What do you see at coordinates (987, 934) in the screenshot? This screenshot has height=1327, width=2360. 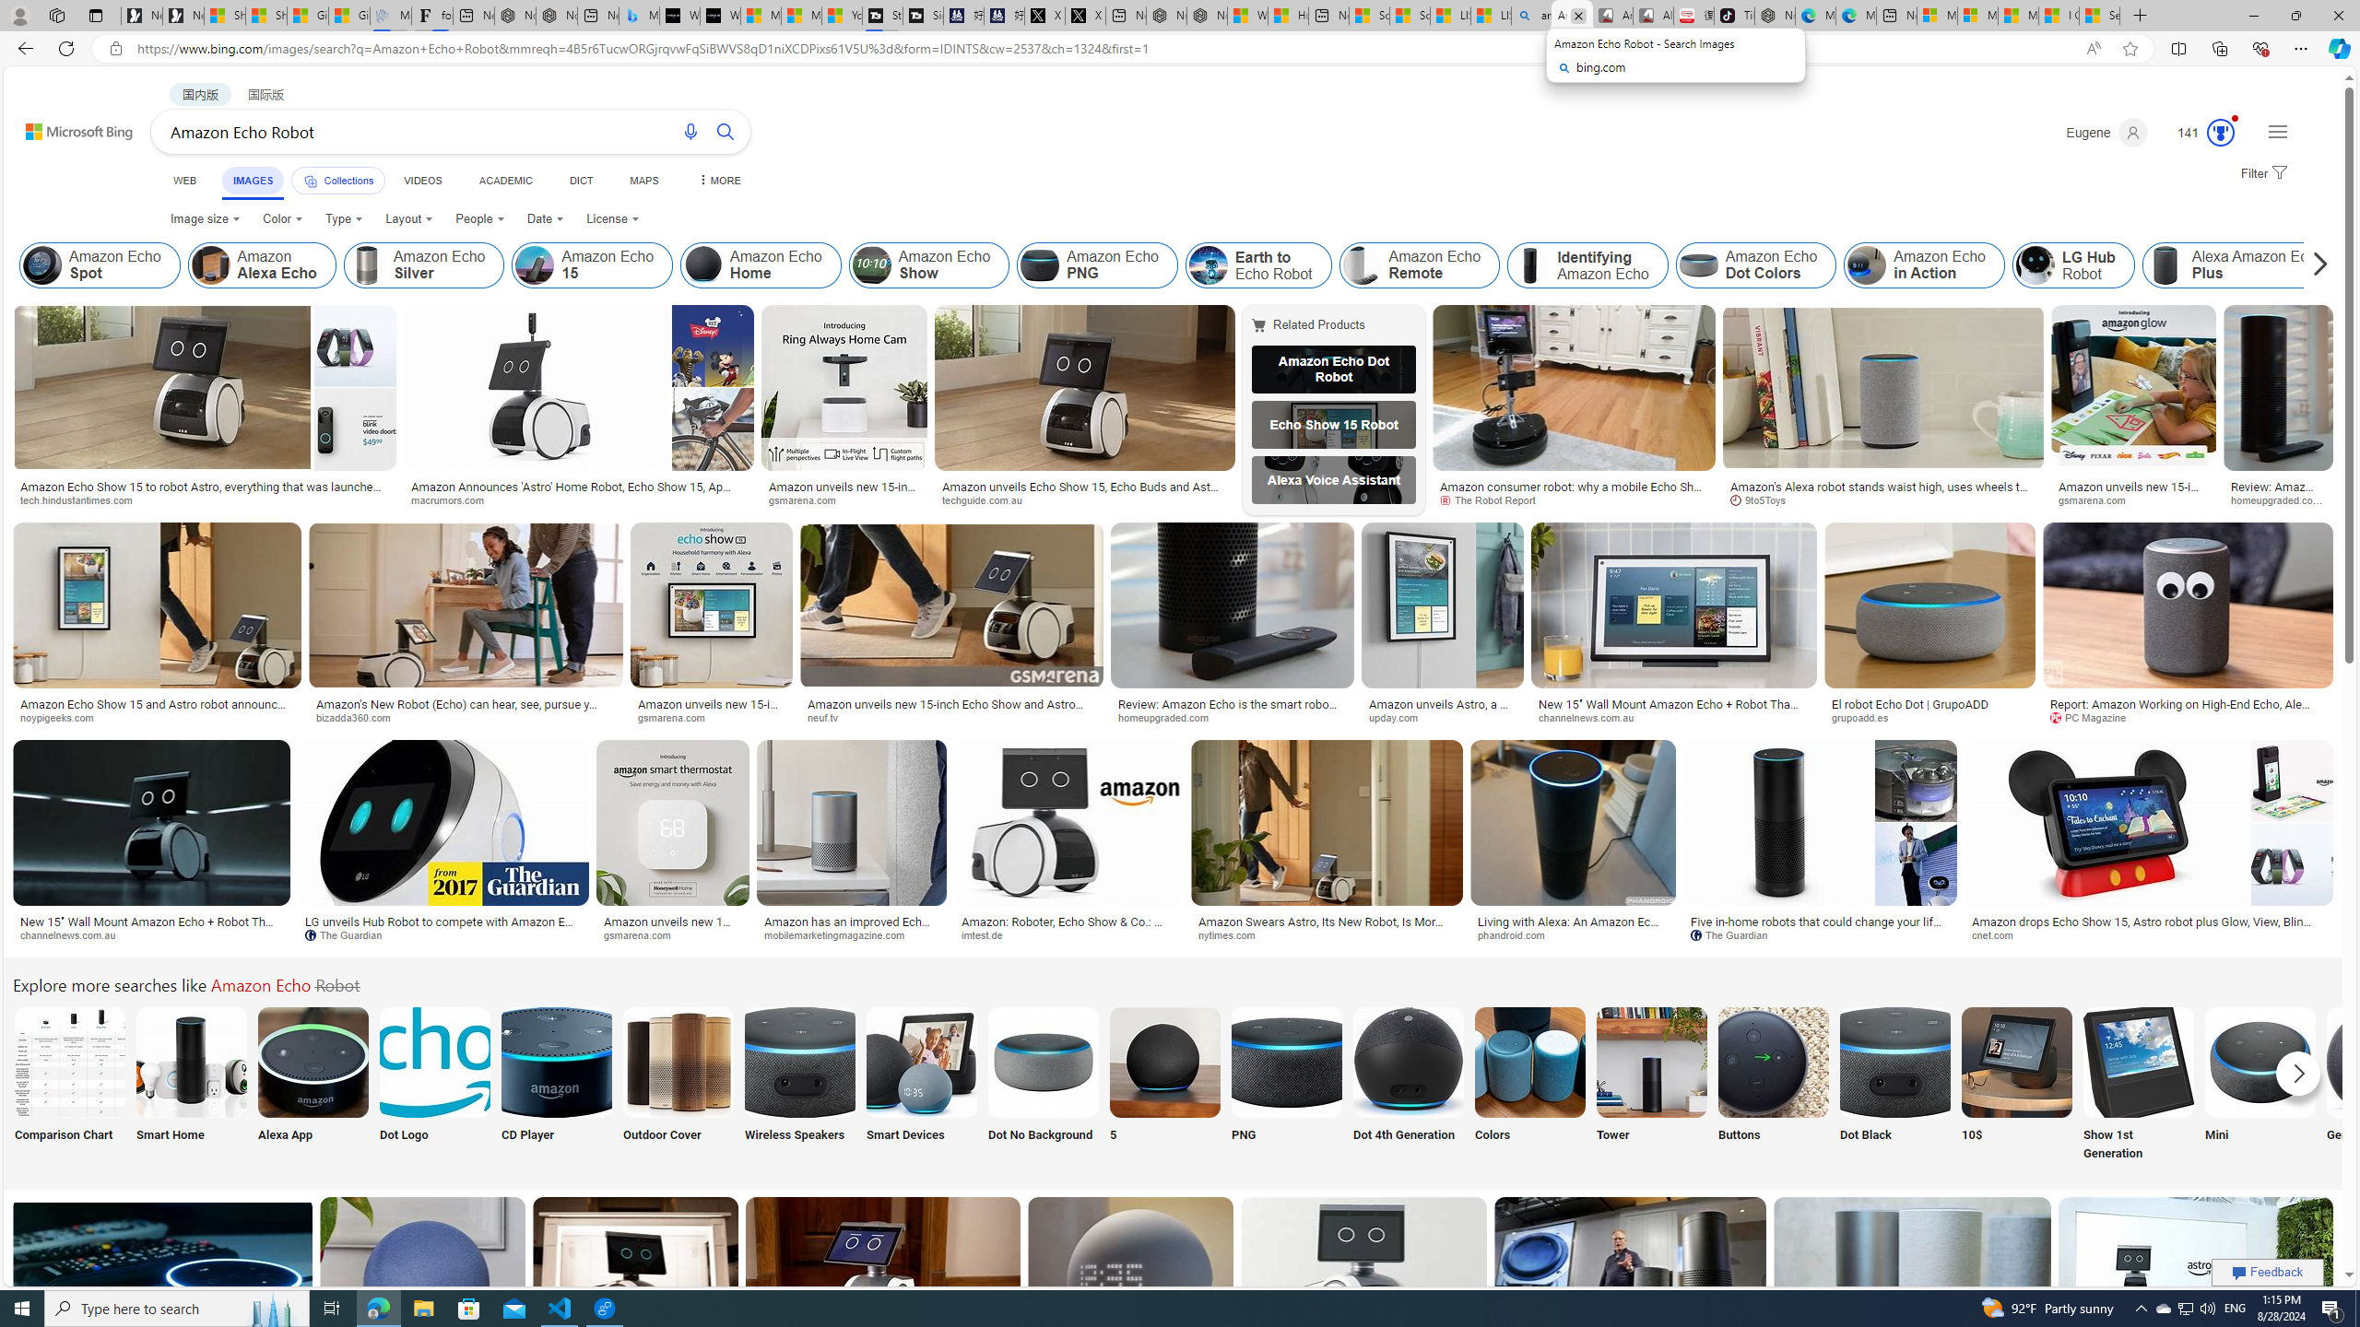 I see `'imtest.de'` at bounding box center [987, 934].